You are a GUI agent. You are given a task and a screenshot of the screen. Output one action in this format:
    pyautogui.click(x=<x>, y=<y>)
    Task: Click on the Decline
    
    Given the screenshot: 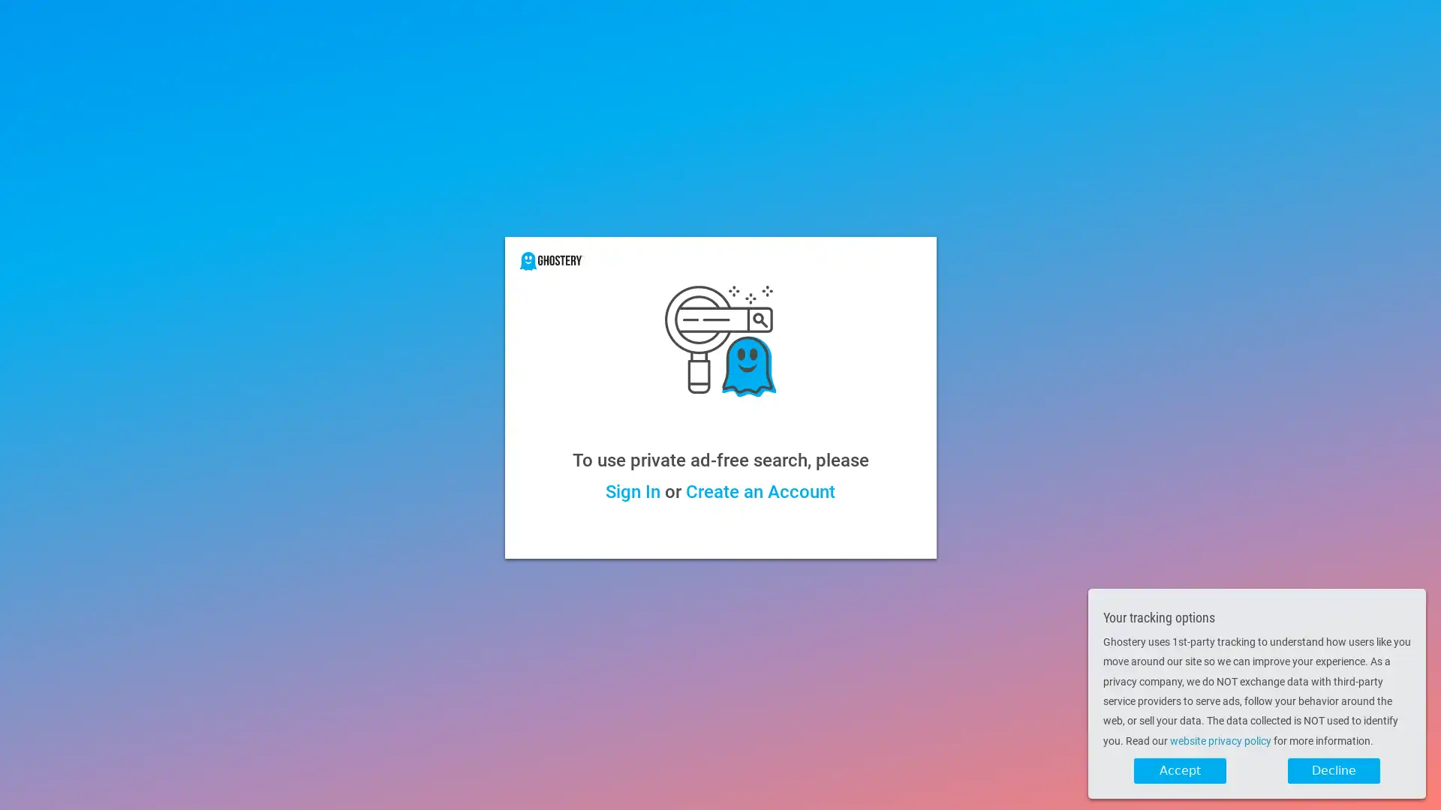 What is the action you would take?
    pyautogui.click(x=1334, y=771)
    